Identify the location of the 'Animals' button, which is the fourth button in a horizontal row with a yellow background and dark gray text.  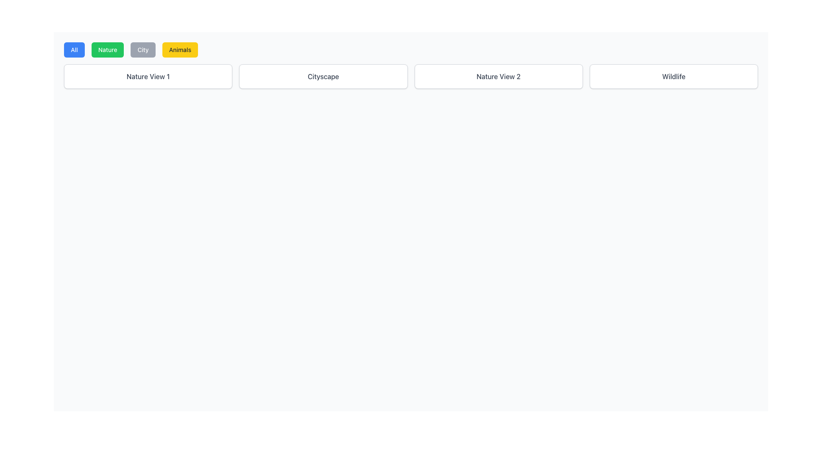
(179, 50).